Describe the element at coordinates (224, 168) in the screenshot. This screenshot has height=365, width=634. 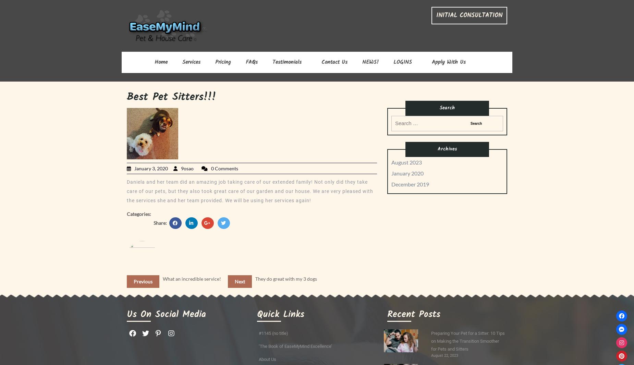
I see `'0 Comments'` at that location.